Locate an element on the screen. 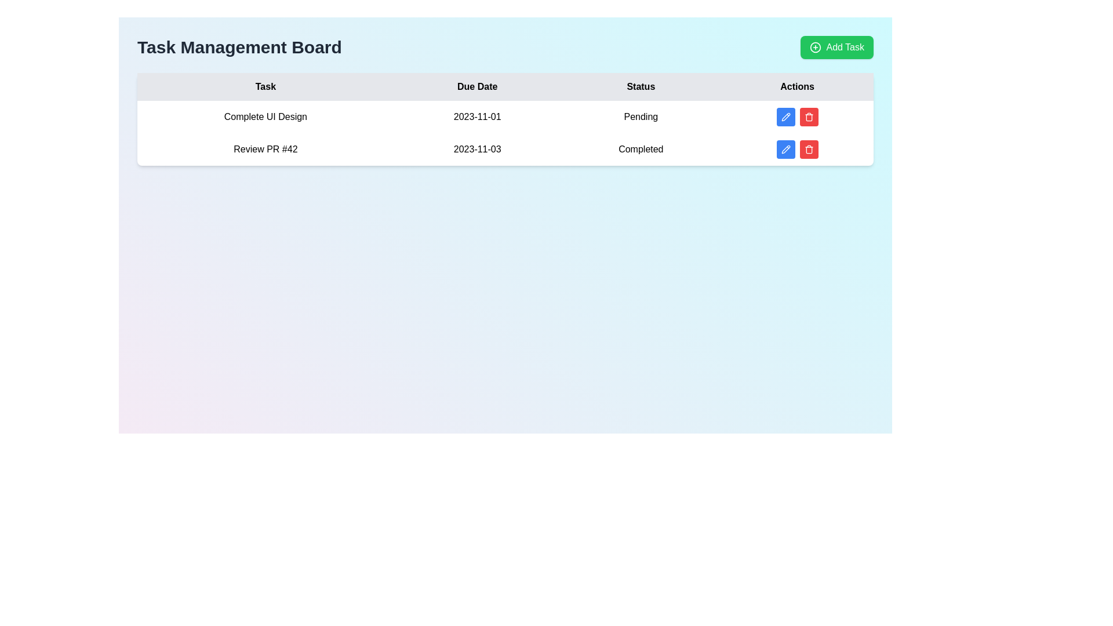 Image resolution: width=1113 pixels, height=626 pixels. the 'Due Date' column header in the task management table is located at coordinates (477, 86).